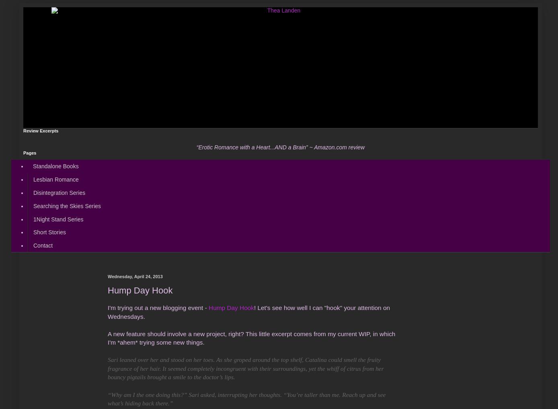 This screenshot has height=409, width=558. I want to click on 'Pages', so click(29, 153).